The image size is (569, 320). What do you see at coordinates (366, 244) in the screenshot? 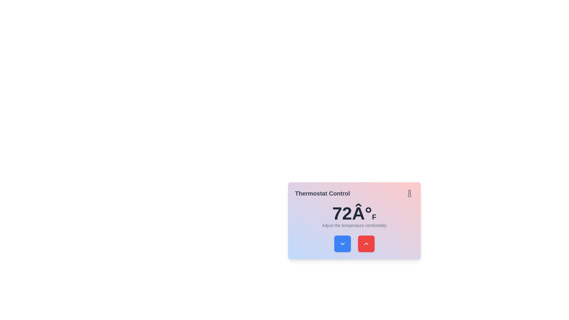
I see `the upward control button contained within the red button located on the right side below the temperature display to observe any effects` at bounding box center [366, 244].